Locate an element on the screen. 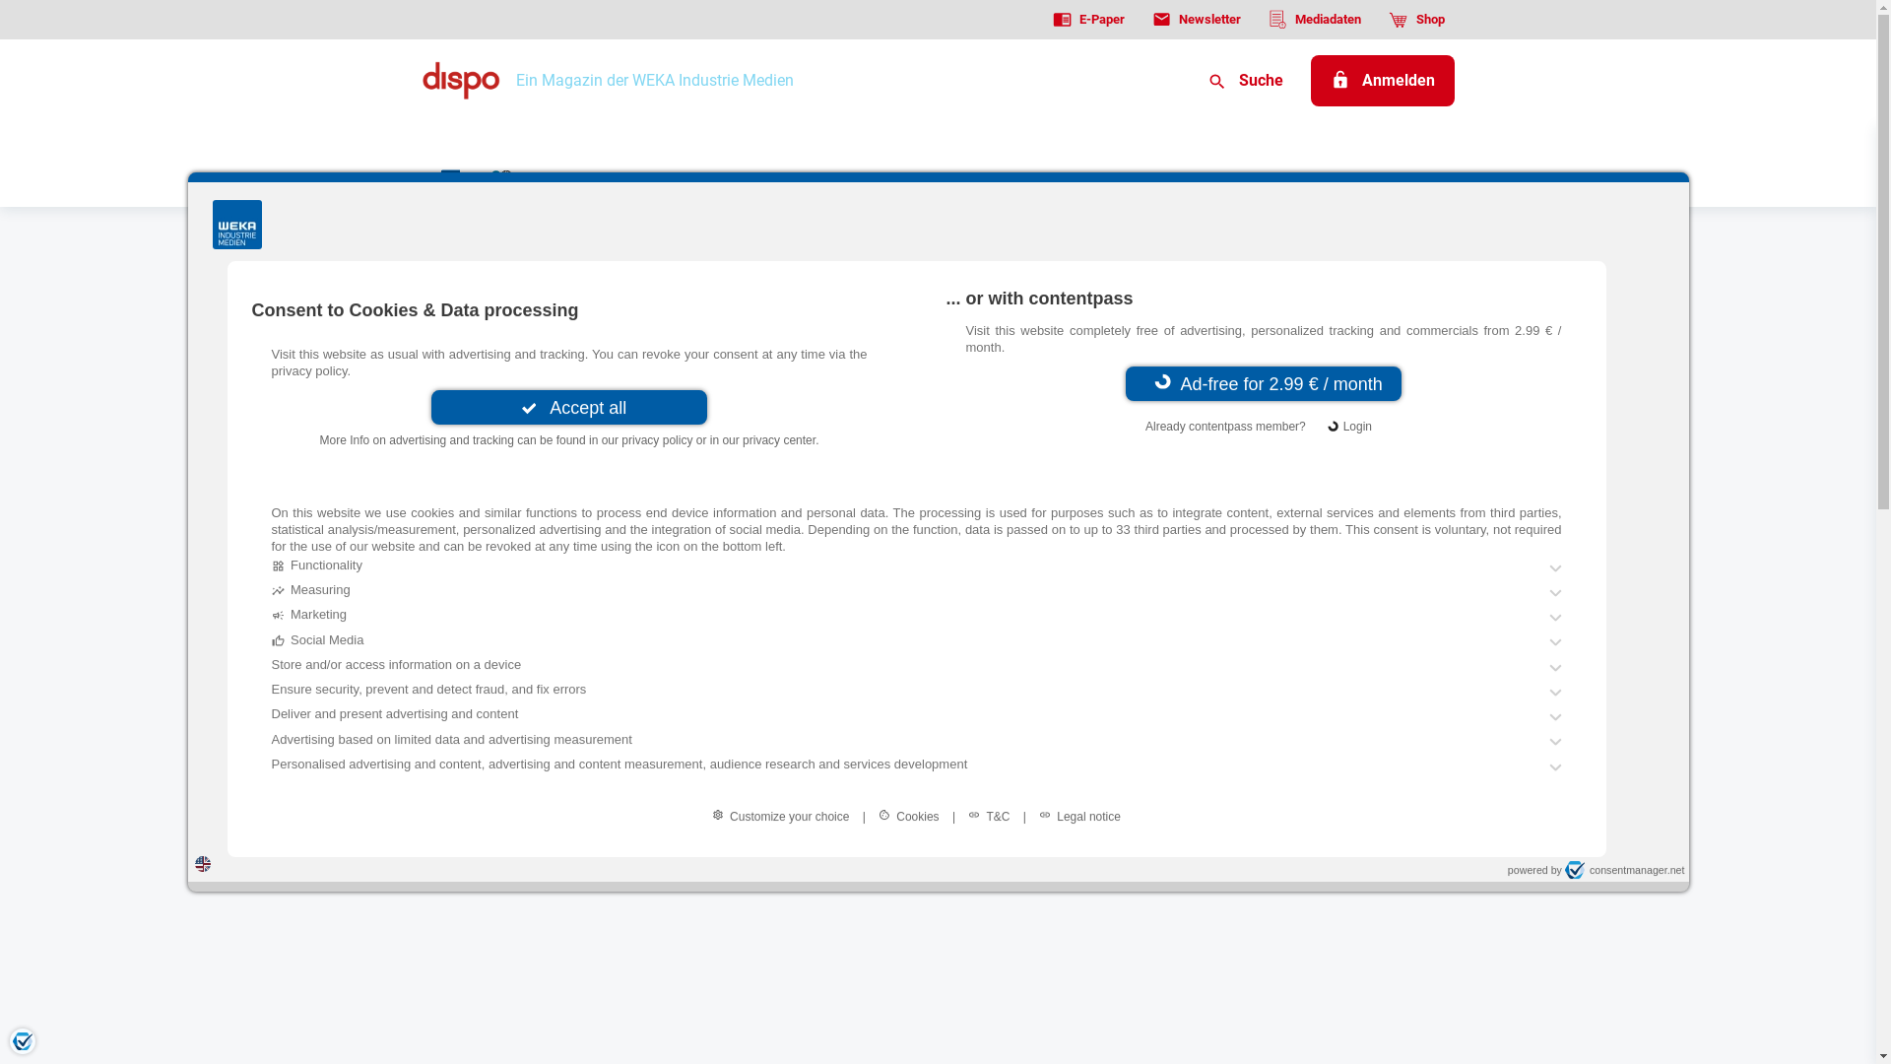  'Dispo logo' is located at coordinates (460, 79).